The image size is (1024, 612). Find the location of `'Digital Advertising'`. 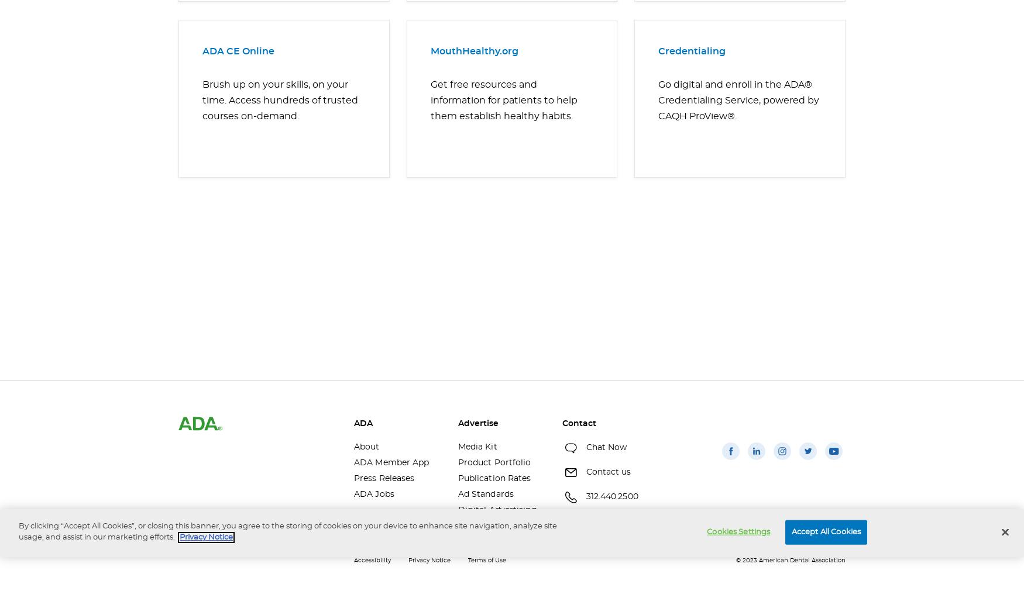

'Digital Advertising' is located at coordinates (497, 509).